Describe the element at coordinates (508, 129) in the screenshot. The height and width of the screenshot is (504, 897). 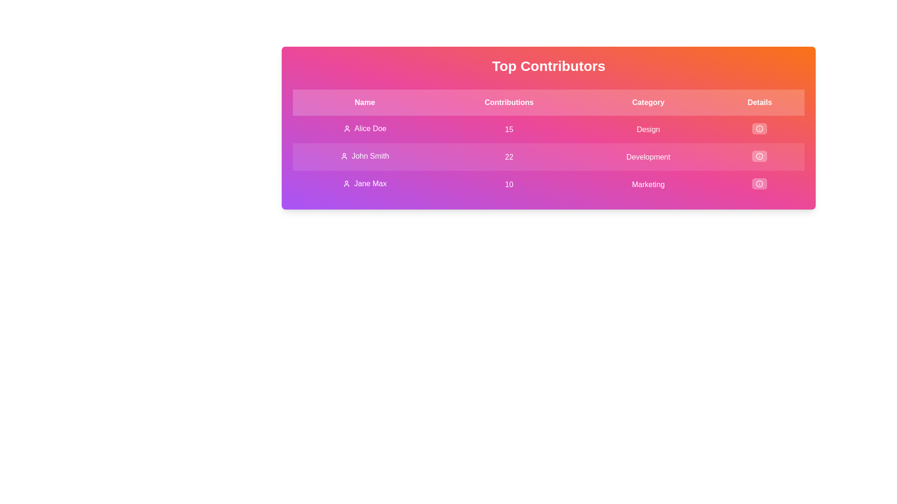
I see `the static text label displaying the contributions value for 'Alice Doe', located in the second column under the 'Contributions' header` at that location.